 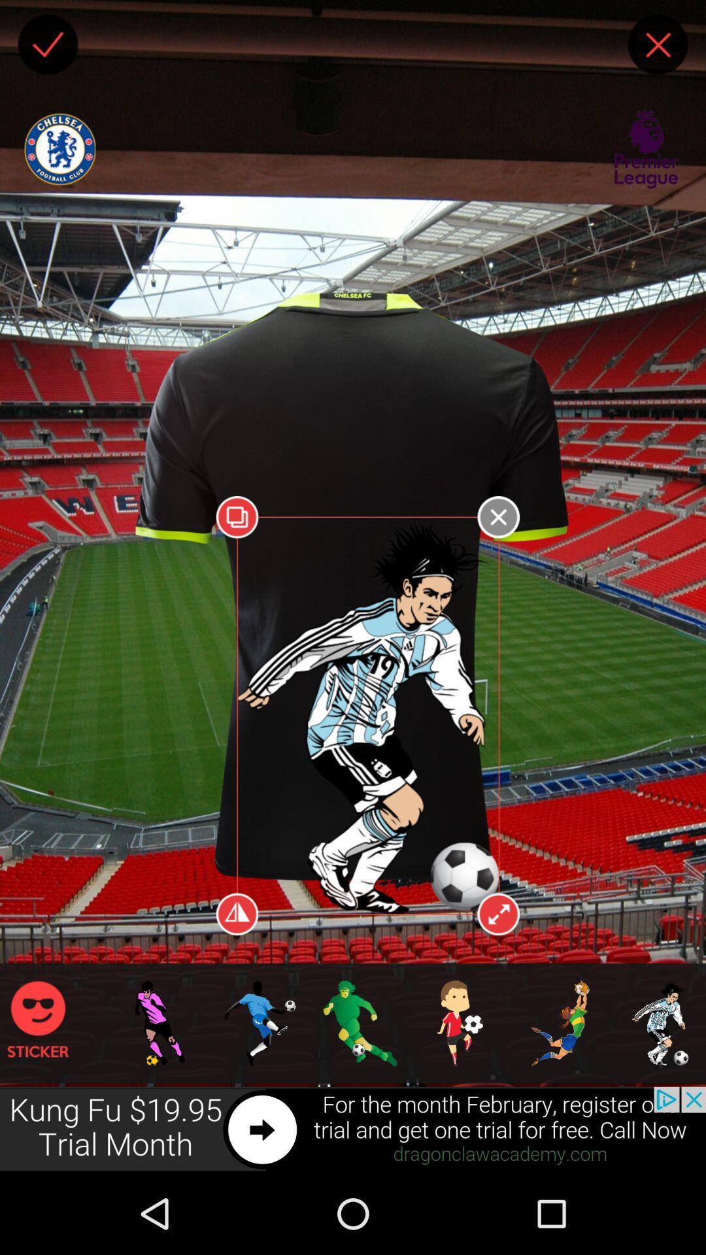 What do you see at coordinates (658, 44) in the screenshot?
I see `this page` at bounding box center [658, 44].